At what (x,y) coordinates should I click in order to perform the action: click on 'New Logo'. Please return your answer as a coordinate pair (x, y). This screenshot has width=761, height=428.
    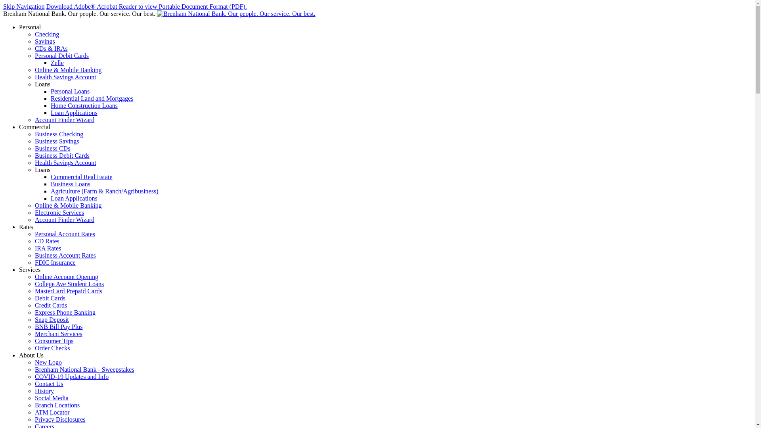
    Looking at the image, I should click on (48, 362).